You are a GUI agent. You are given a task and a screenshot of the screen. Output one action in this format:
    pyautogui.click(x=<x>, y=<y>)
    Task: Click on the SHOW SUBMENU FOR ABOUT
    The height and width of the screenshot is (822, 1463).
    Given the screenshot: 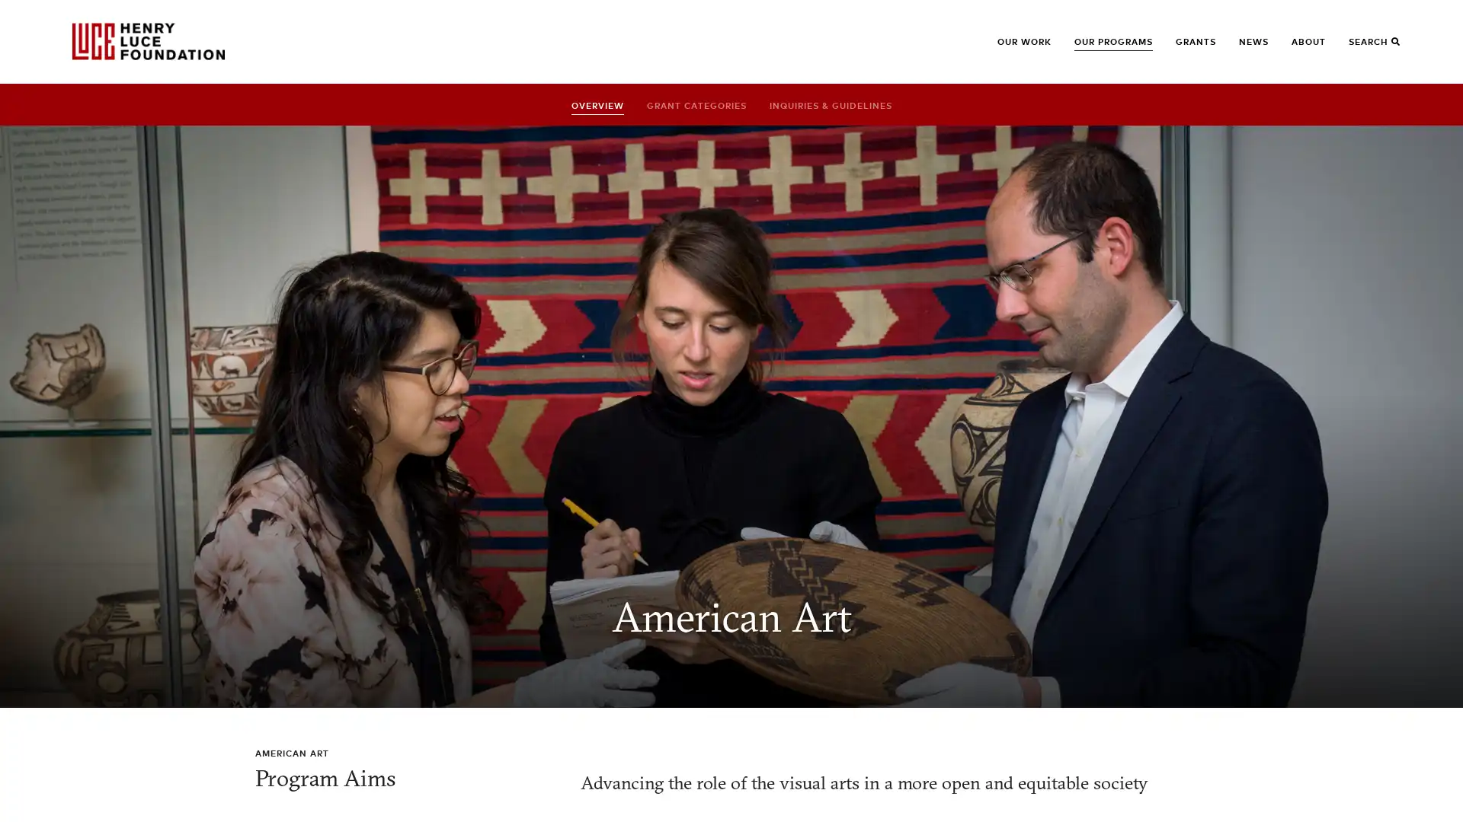 What is the action you would take?
    pyautogui.click(x=1315, y=48)
    